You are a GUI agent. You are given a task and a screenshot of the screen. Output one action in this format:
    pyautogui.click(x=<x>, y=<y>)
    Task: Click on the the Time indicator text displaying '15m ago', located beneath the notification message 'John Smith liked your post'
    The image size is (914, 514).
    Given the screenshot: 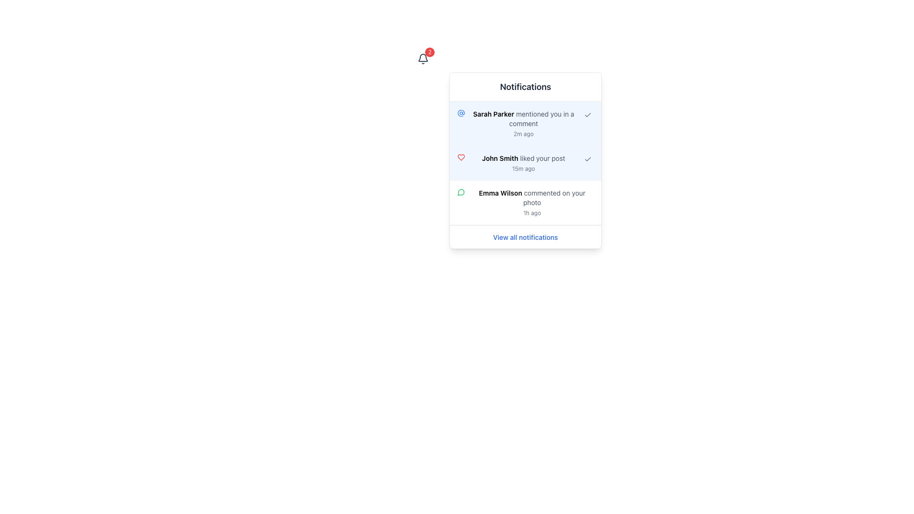 What is the action you would take?
    pyautogui.click(x=523, y=168)
    